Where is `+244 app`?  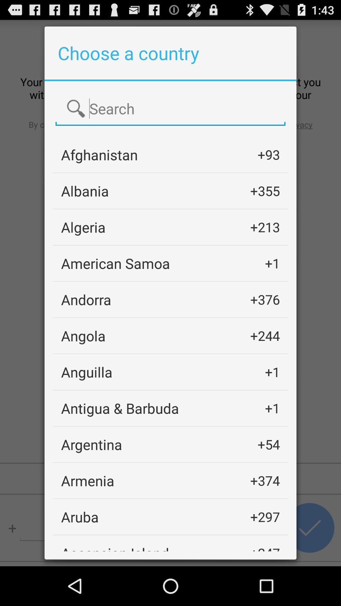 +244 app is located at coordinates (265, 335).